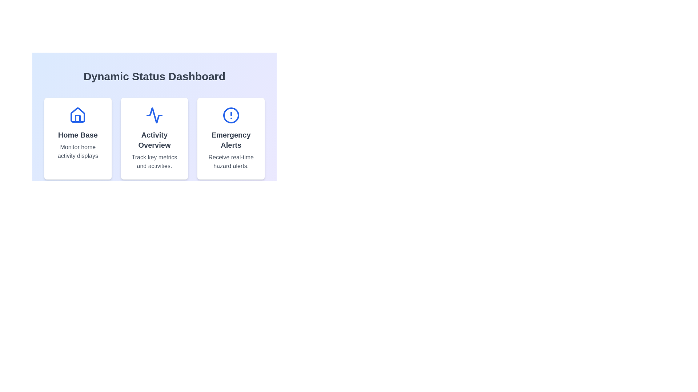  What do you see at coordinates (154, 138) in the screenshot?
I see `the 'Activity Overview' Information card box in the second column of the Dynamic Status Dashboard` at bounding box center [154, 138].